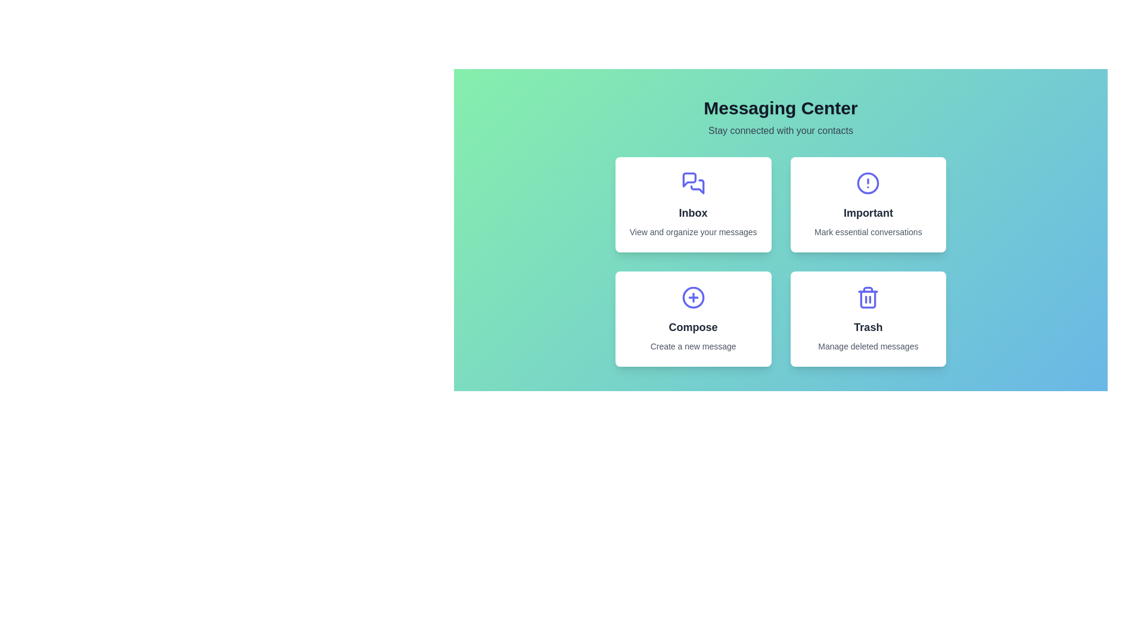 The height and width of the screenshot is (643, 1144). What do you see at coordinates (868, 232) in the screenshot?
I see `the text label that says 'Mark essential conversations', which is located below the 'Important' text in the rectangular card` at bounding box center [868, 232].